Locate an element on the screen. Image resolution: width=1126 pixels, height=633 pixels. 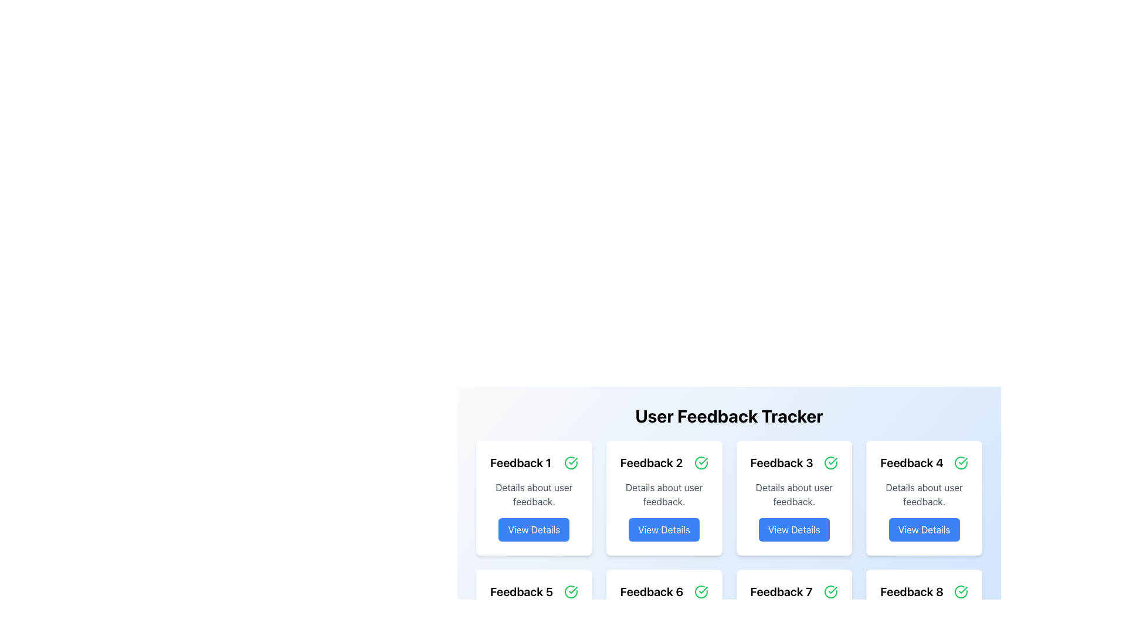
the text label displaying 'Feedback 8' located in the bottom-right corner of the grid layout, adjacent to the green check icon is located at coordinates (911, 592).